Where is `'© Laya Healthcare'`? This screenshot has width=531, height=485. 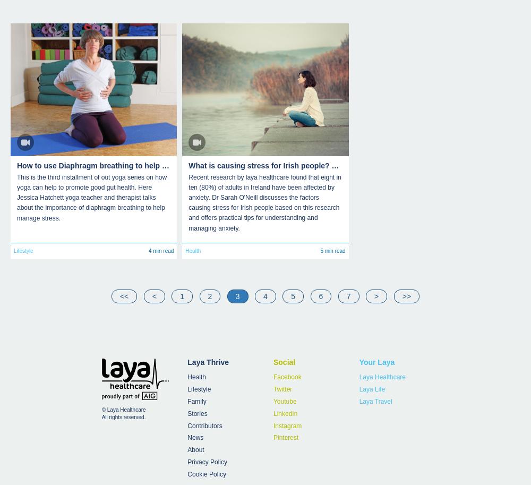 '© Laya Healthcare' is located at coordinates (123, 409).